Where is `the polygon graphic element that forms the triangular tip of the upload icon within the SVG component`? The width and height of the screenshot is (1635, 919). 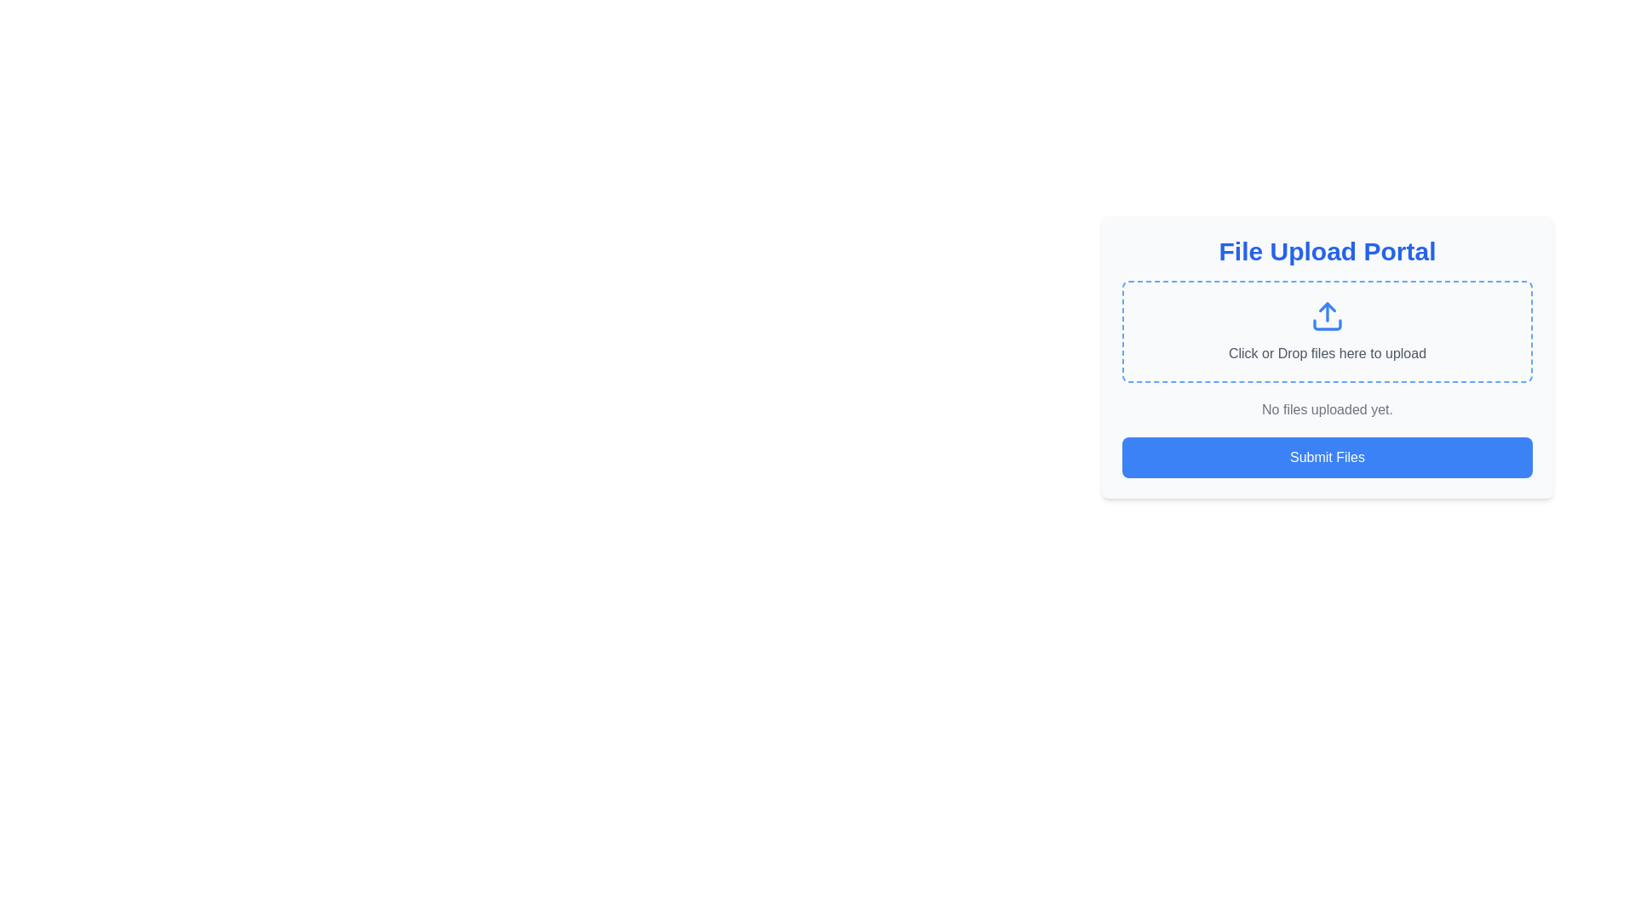 the polygon graphic element that forms the triangular tip of the upload icon within the SVG component is located at coordinates (1327, 307).